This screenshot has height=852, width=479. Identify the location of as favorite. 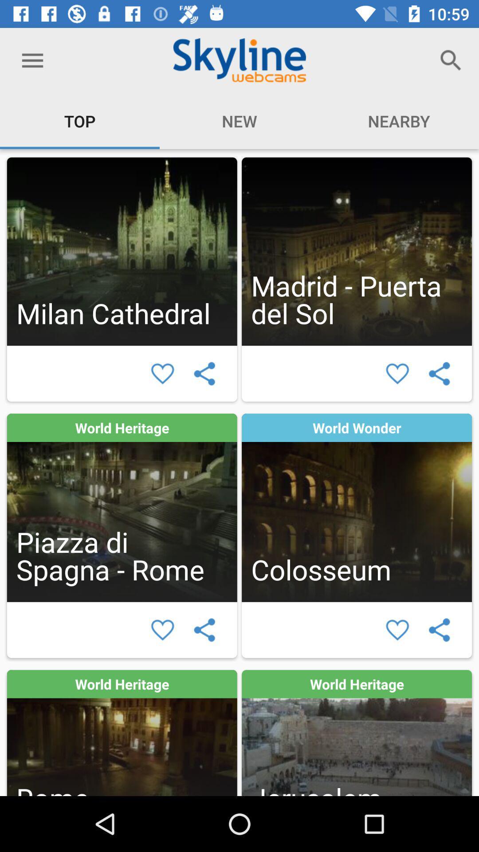
(397, 374).